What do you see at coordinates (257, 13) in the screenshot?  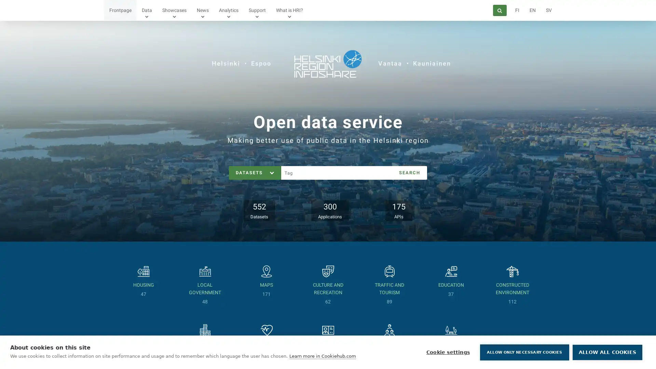 I see `Show submenu for Support` at bounding box center [257, 13].